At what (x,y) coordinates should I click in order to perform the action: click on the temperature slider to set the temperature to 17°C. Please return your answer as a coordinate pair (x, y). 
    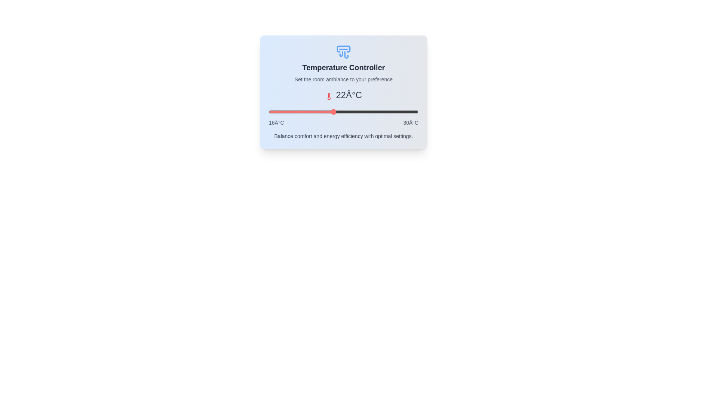
    Looking at the image, I should click on (279, 112).